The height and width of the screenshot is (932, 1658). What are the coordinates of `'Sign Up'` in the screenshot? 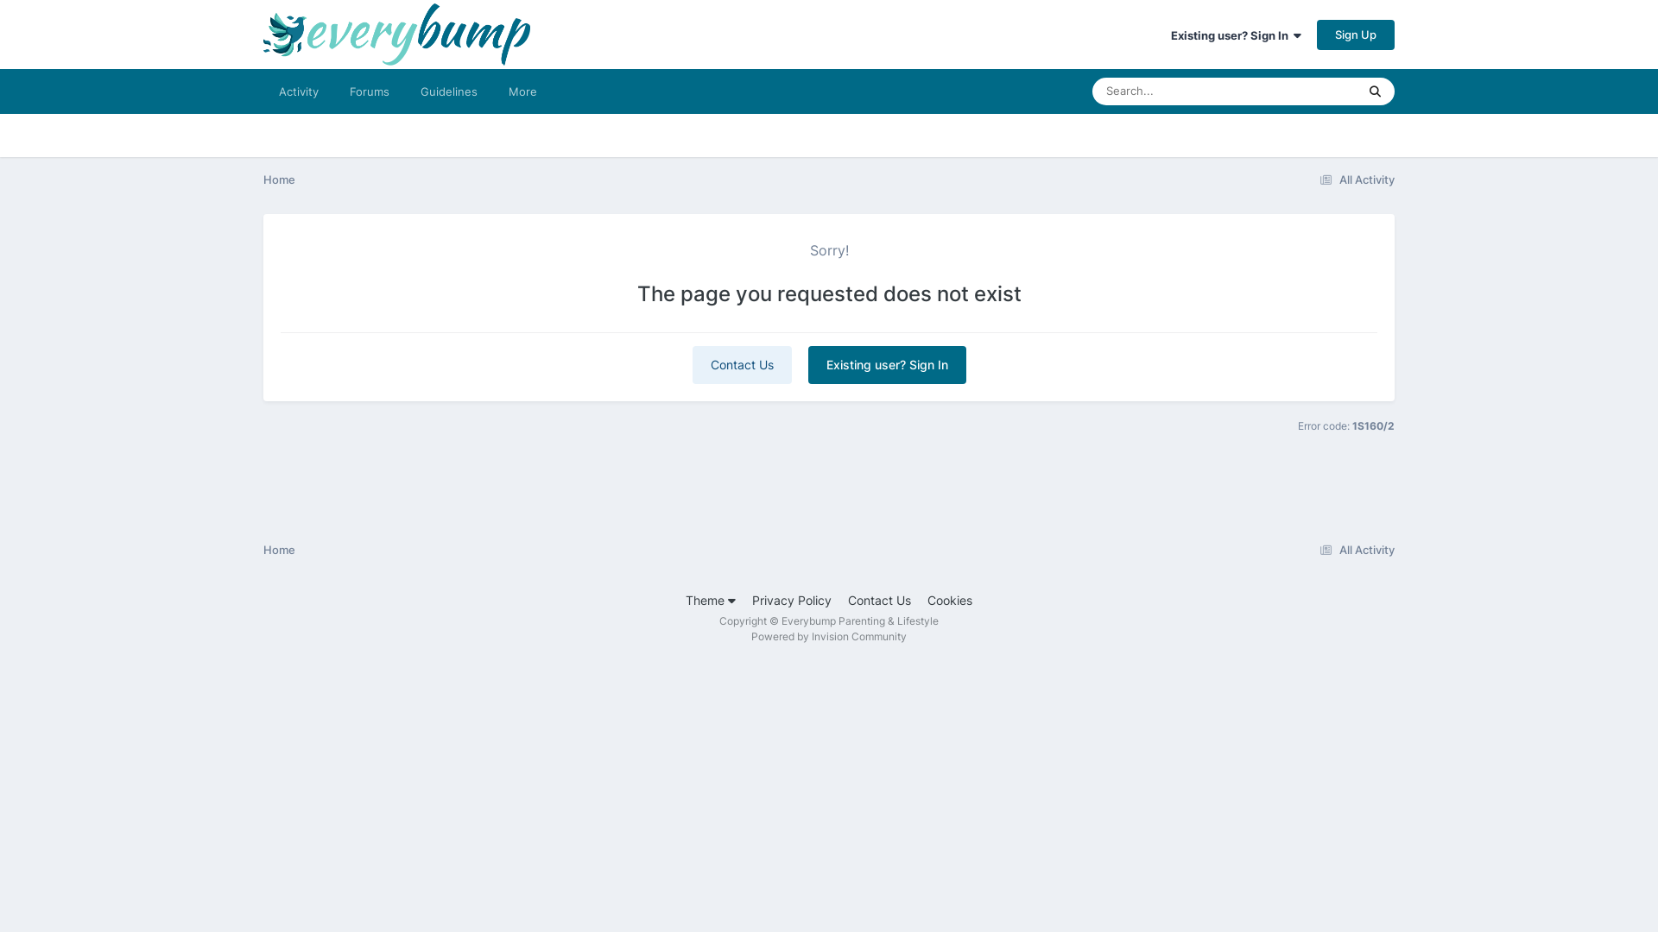 It's located at (1354, 34).